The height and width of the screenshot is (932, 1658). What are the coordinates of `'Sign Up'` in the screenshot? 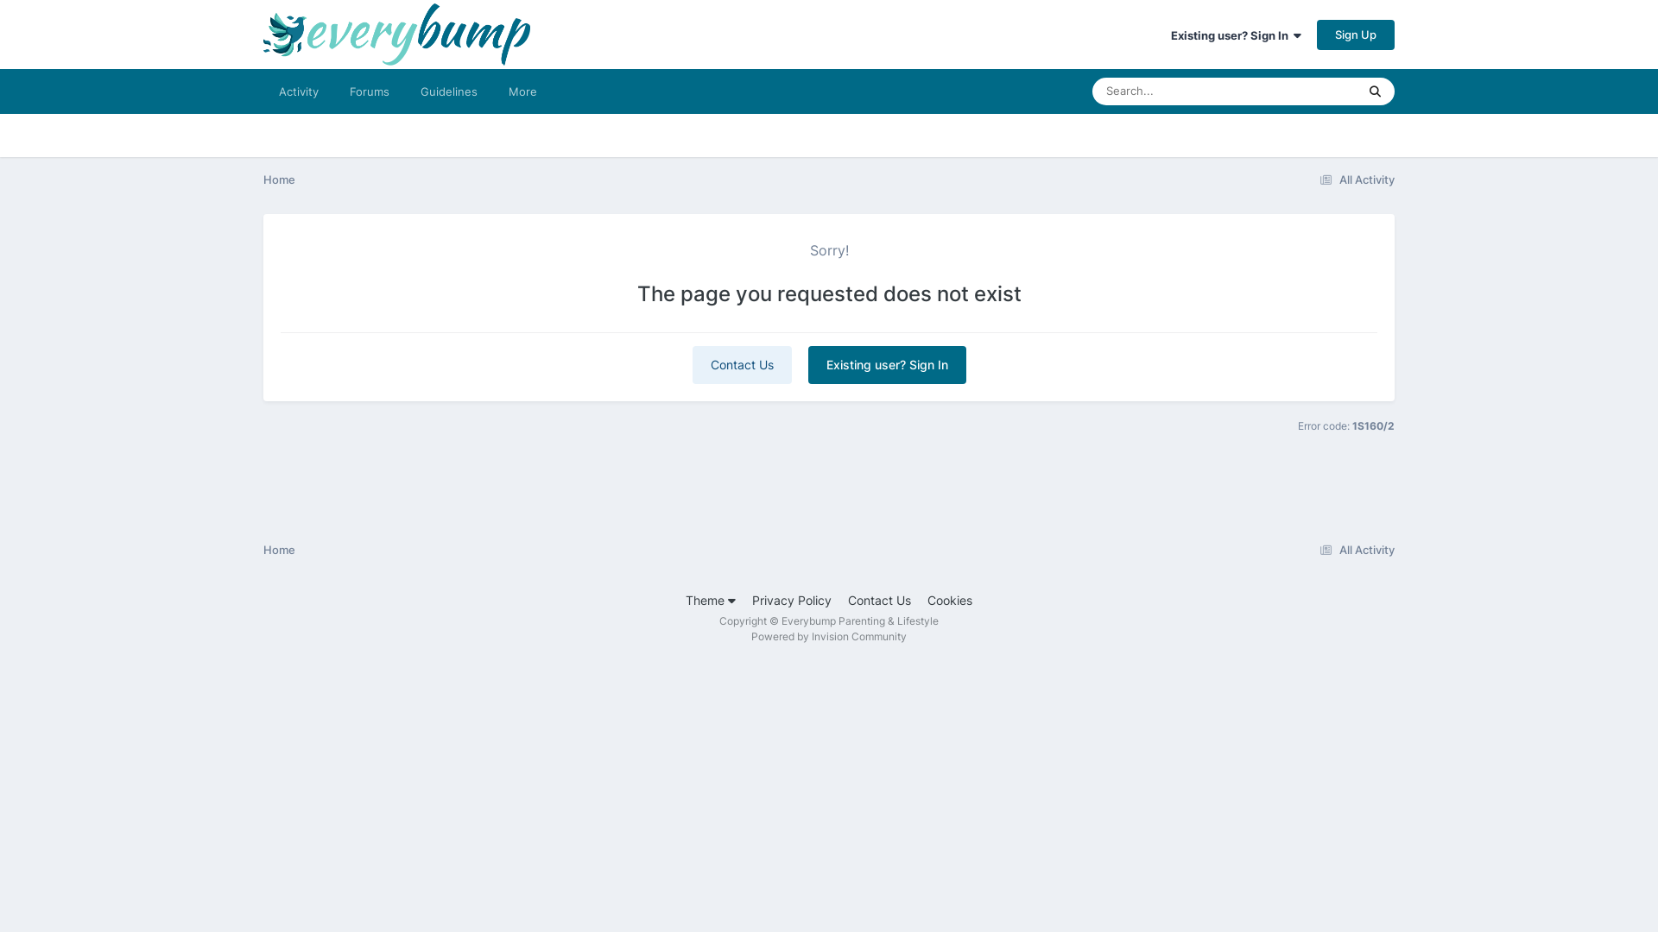 It's located at (1354, 34).